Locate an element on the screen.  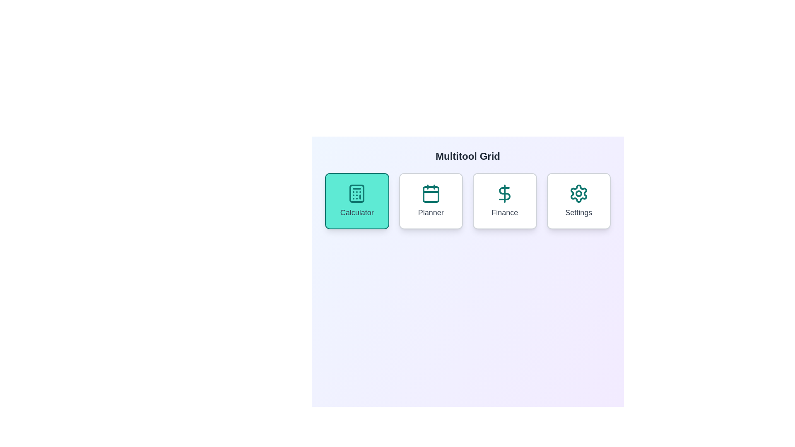
the 'Planner' button, which is the second button in a grid of four, located between the 'Calculator' button and the 'Finance' button is located at coordinates (431, 201).